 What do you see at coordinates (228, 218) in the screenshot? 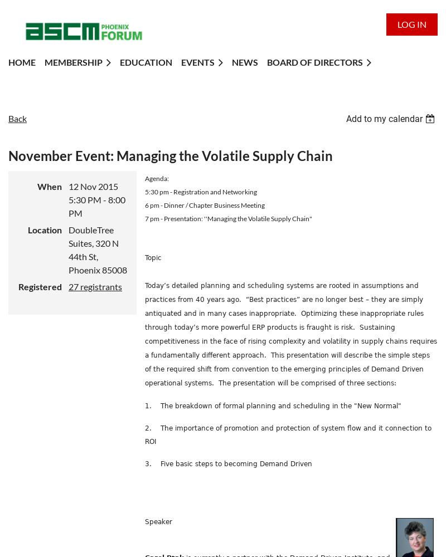
I see `'7 pm - Presentation: ''Managing the Volatile Supply Chain"'` at bounding box center [228, 218].